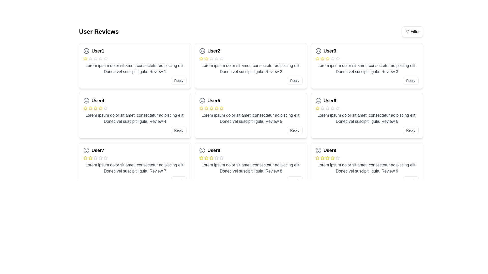 The height and width of the screenshot is (274, 488). I want to click on the smiling face icon located next to the username 'User1' in the review block at the top-left corner of the reviews grid, so click(86, 51).